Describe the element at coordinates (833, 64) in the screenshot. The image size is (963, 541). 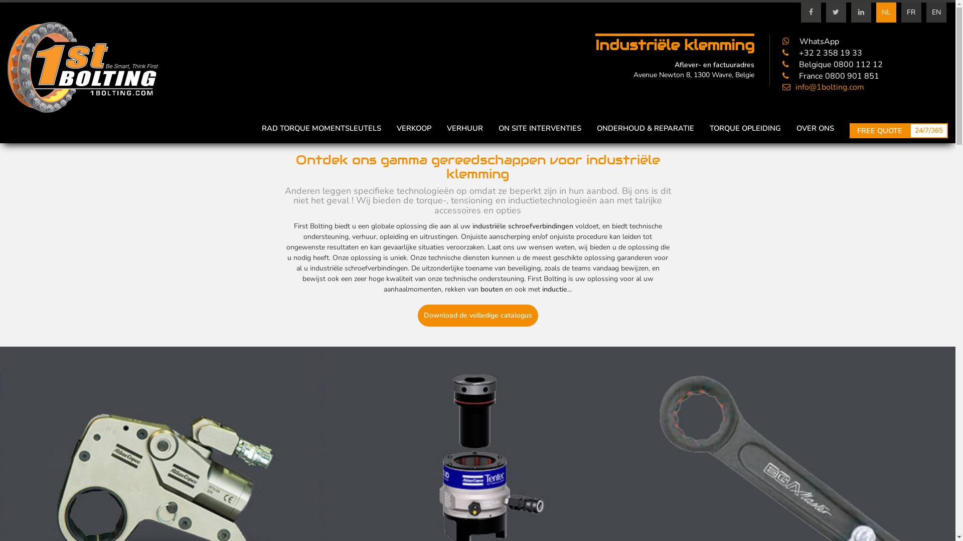
I see `'Belgique 0800 112 12'` at that location.